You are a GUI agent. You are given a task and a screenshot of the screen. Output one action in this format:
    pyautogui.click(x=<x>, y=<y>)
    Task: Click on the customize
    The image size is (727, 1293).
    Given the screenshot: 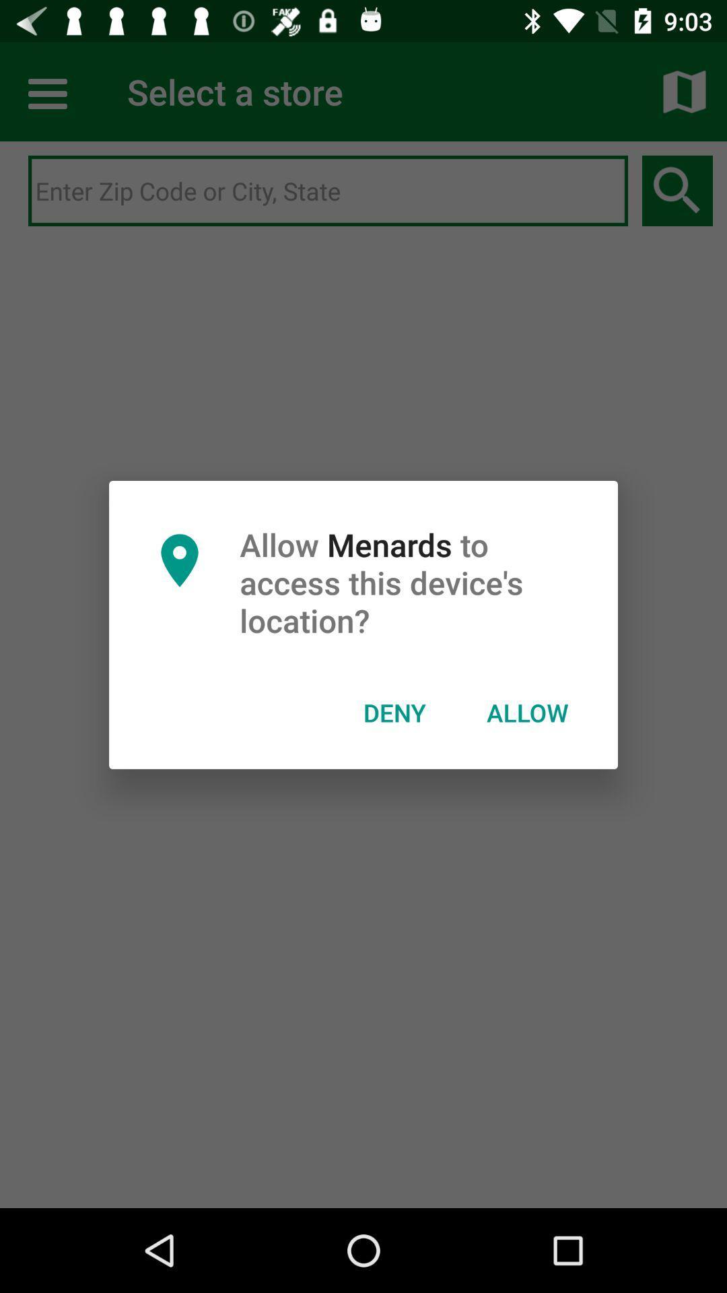 What is the action you would take?
    pyautogui.click(x=48, y=91)
    